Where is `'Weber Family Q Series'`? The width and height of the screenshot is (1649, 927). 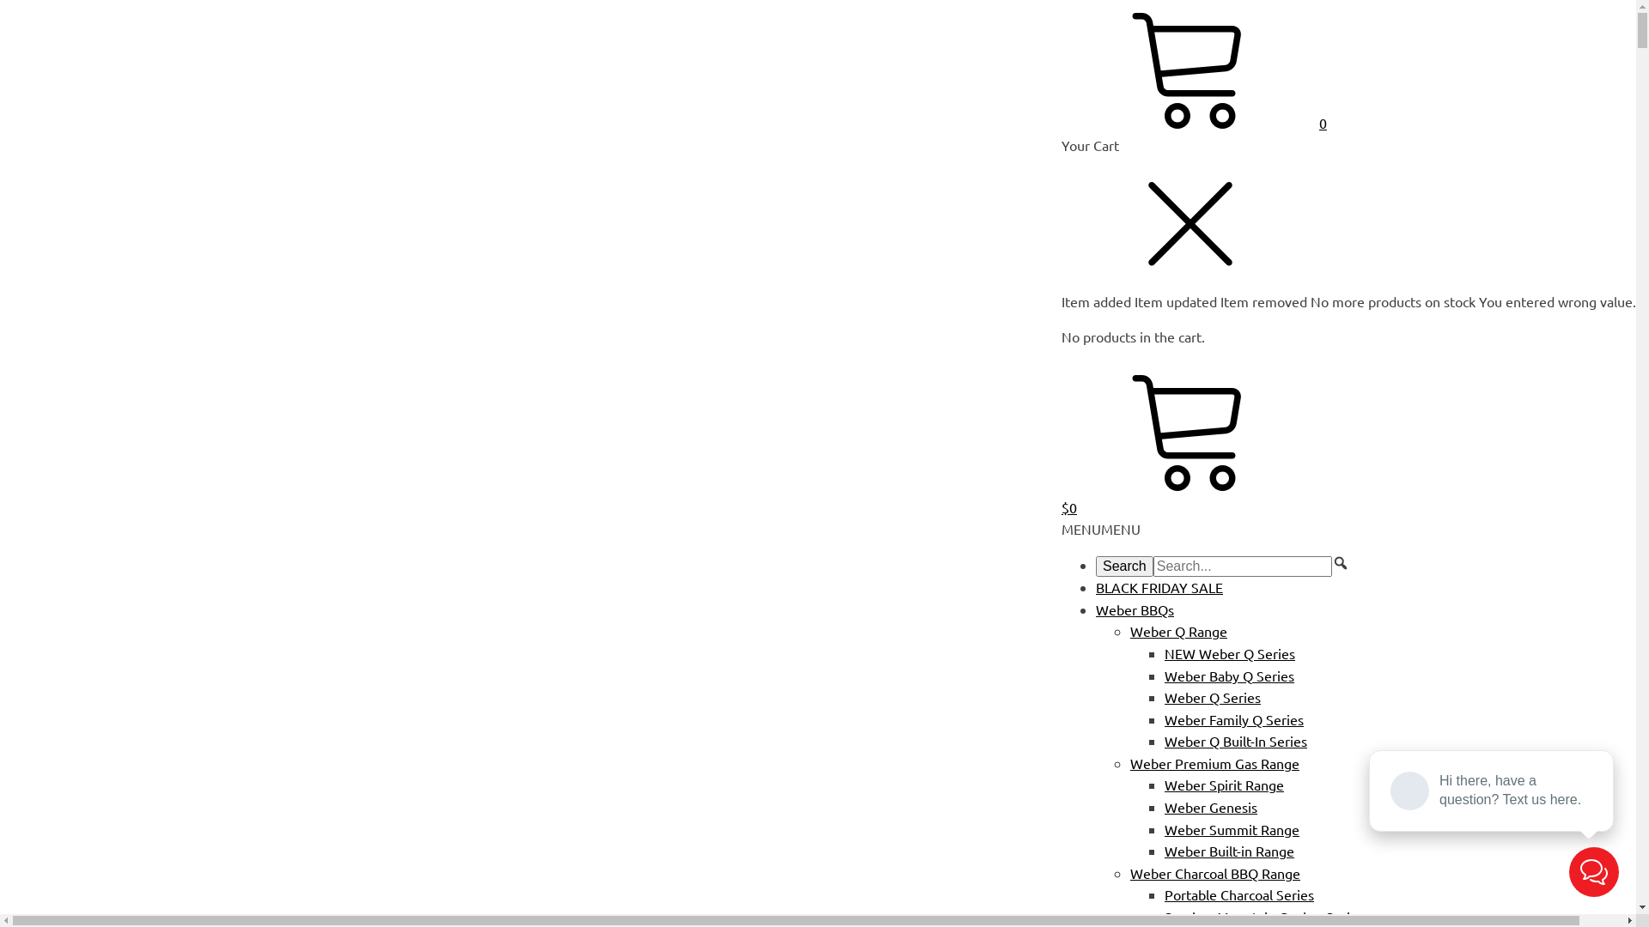
'Weber Family Q Series' is located at coordinates (1232, 718).